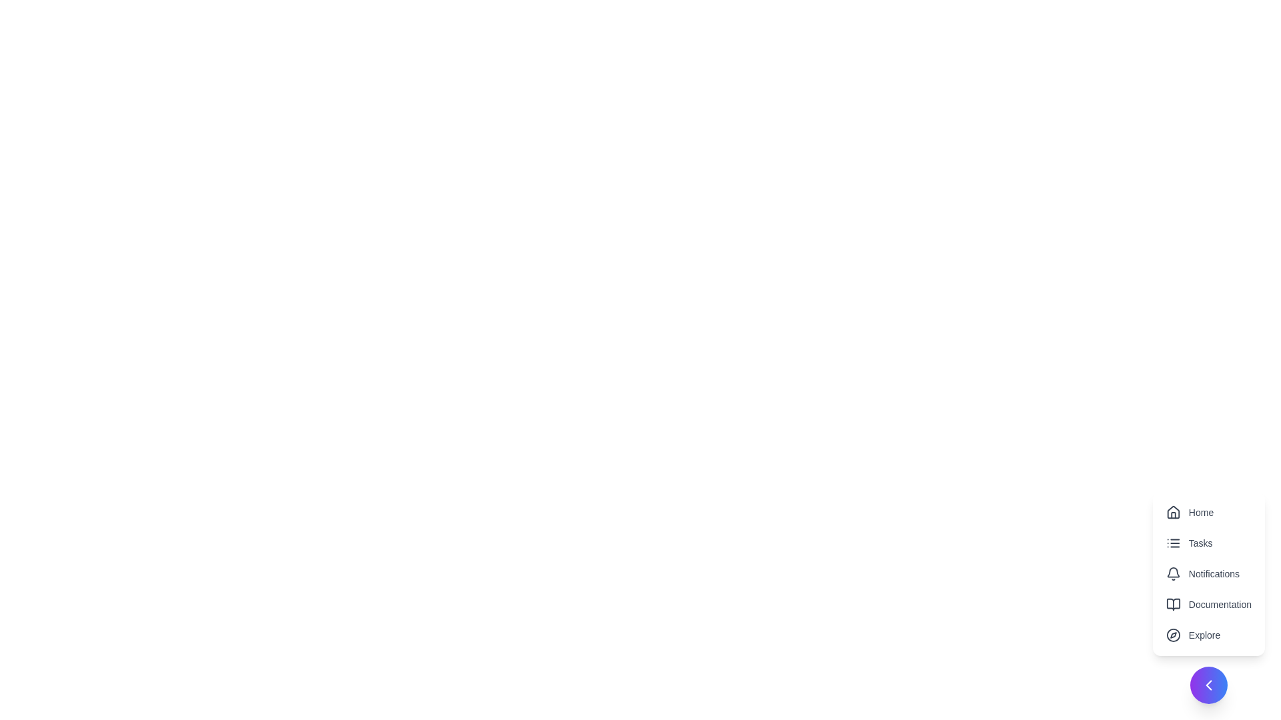  I want to click on the menu item labeled Explore to observe its hover effect, so click(1208, 634).